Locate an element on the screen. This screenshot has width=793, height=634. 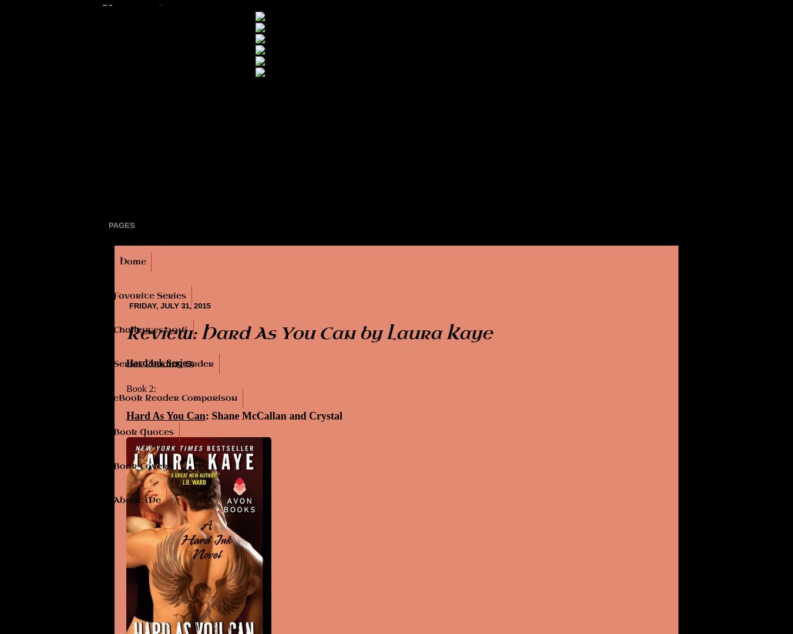
'About Me' is located at coordinates (113, 500).